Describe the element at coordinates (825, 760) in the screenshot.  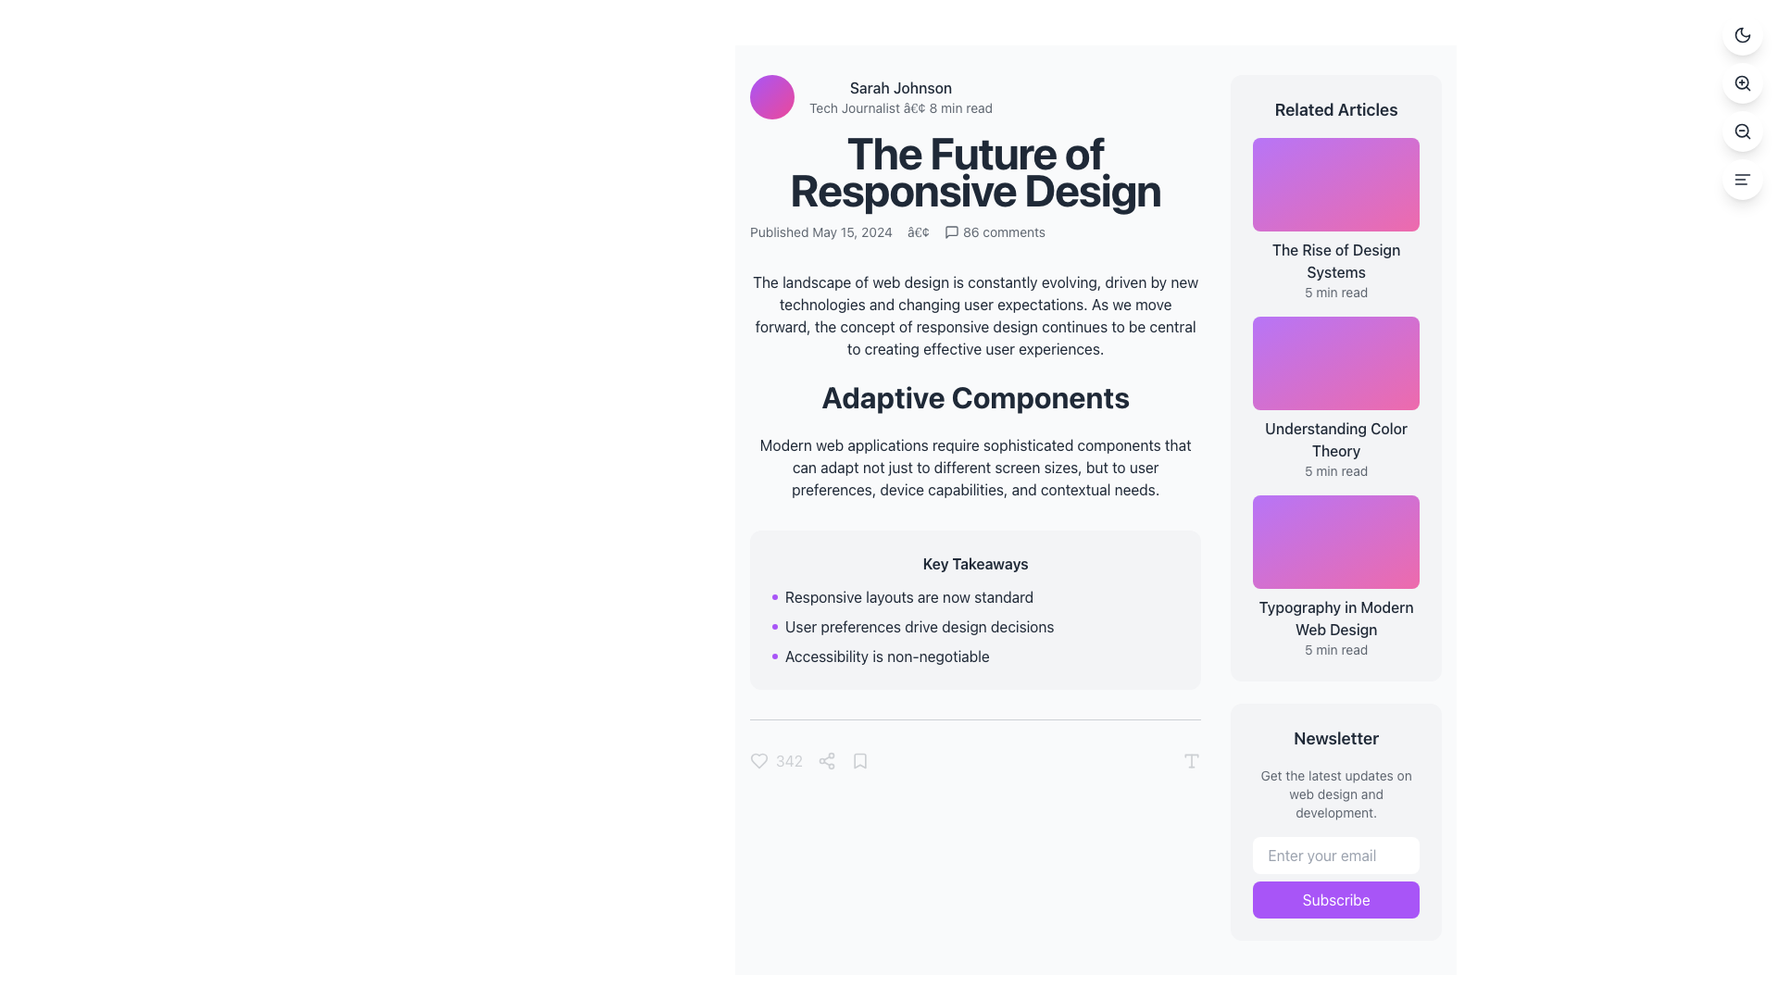
I see `the share icon located in the footer section of the article card, which is the third icon in the horizontal sequence between the like button and the bookmark button` at that location.